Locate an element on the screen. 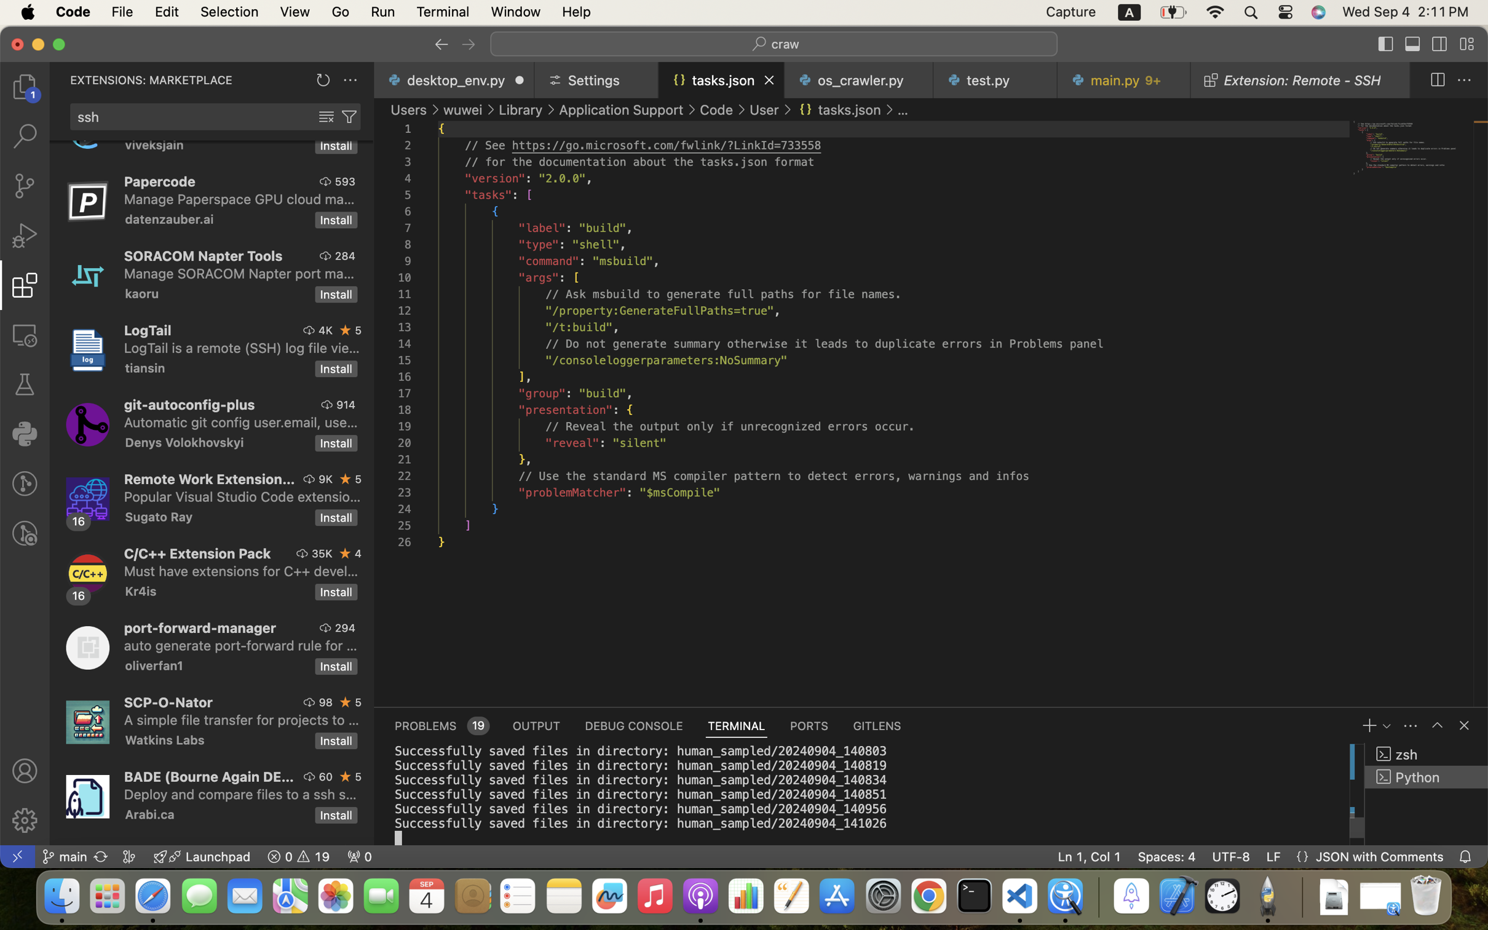 Image resolution: width=1488 pixels, height=930 pixels. '98' is located at coordinates (325, 702).